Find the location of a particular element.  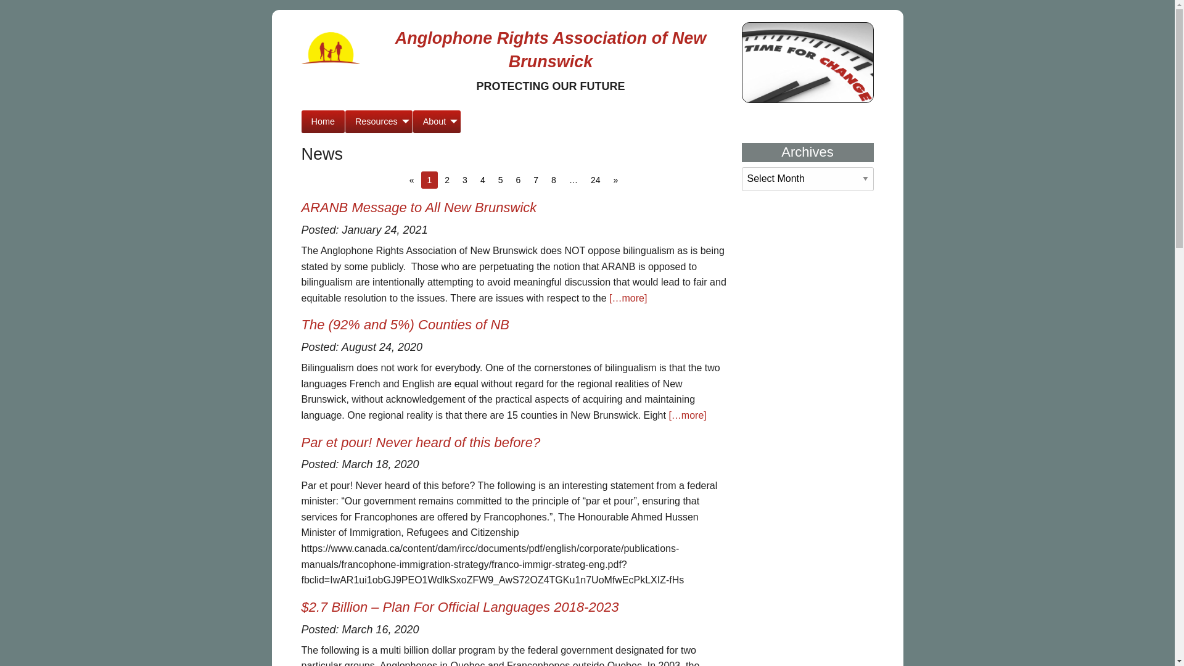

'7' is located at coordinates (535, 180).